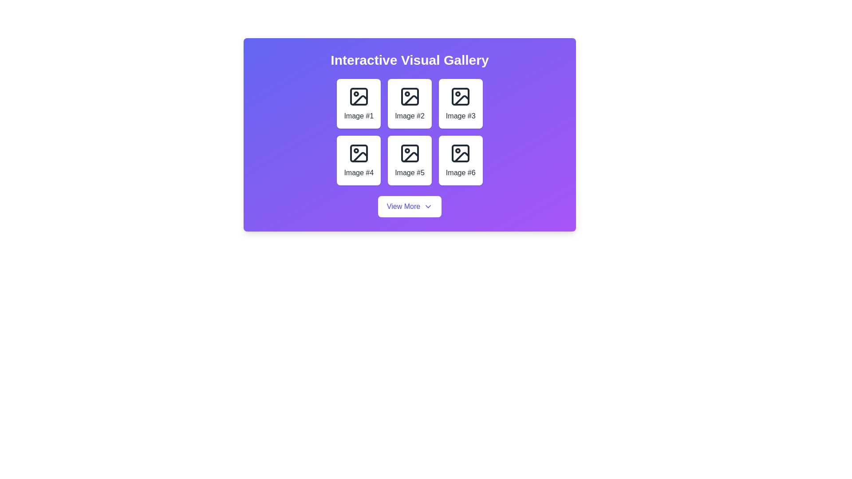 This screenshot has width=852, height=479. I want to click on the icon element representing 'Image #4' in the 'Interactive Visual Gallery', which features a circular dot in the top left corner and is outlined in a dark color, so click(359, 153).